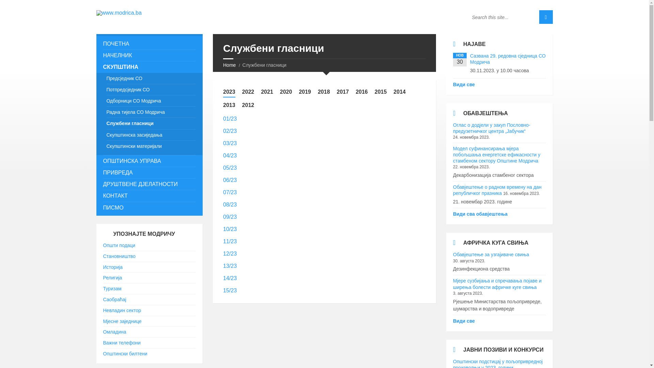 The width and height of the screenshot is (654, 368). Describe the element at coordinates (230, 143) in the screenshot. I see `'03/23'` at that location.